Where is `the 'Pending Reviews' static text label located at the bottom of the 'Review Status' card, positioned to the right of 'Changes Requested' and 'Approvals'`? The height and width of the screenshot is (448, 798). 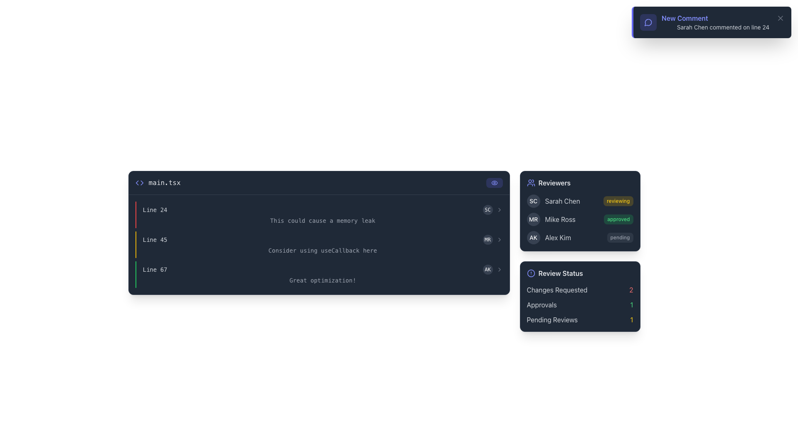 the 'Pending Reviews' static text label located at the bottom of the 'Review Status' card, positioned to the right of 'Changes Requested' and 'Approvals' is located at coordinates (552, 319).